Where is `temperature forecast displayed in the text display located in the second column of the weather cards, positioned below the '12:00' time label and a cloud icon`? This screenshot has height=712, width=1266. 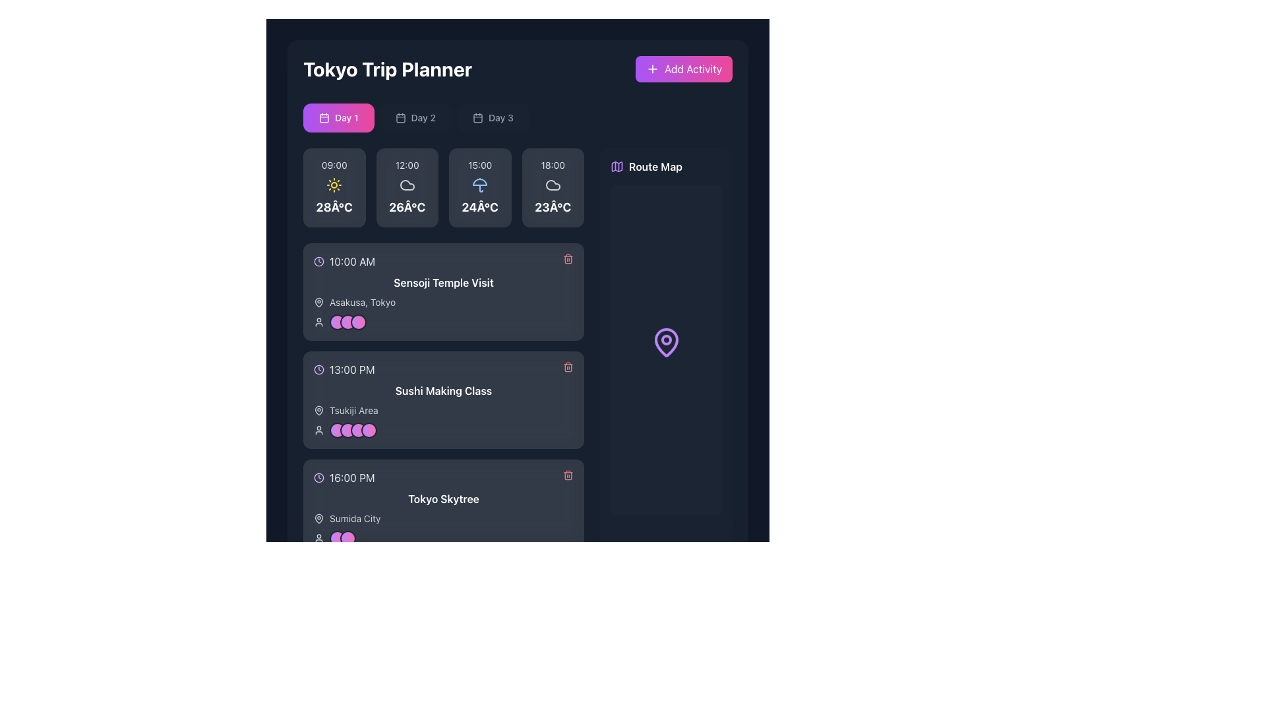 temperature forecast displayed in the text display located in the second column of the weather cards, positioned below the '12:00' time label and a cloud icon is located at coordinates (406, 208).